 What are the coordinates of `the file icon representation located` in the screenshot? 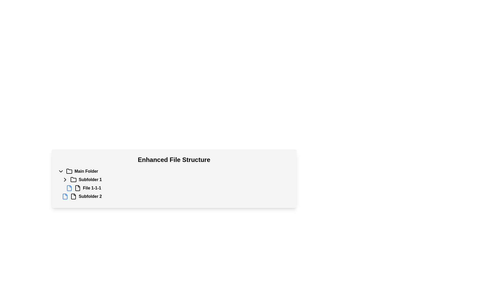 It's located at (73, 196).